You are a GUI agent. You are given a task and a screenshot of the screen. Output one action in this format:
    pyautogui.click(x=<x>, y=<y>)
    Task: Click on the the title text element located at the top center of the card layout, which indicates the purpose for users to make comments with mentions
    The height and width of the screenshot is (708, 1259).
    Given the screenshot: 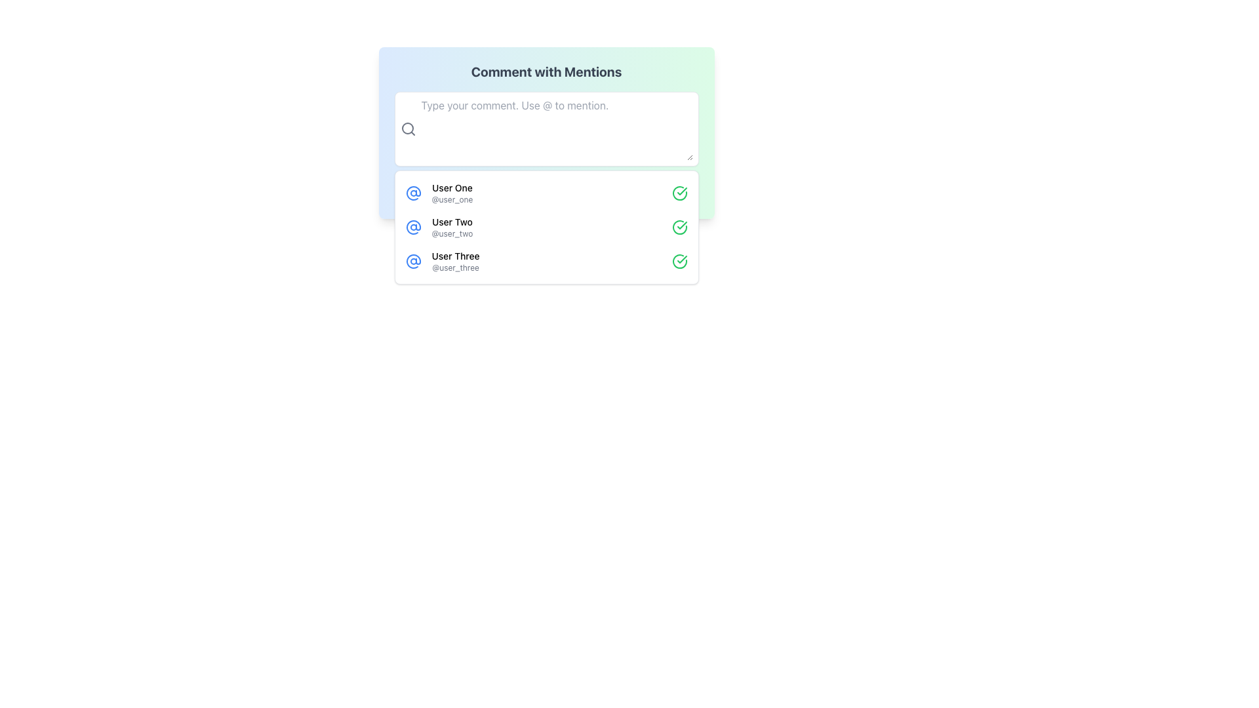 What is the action you would take?
    pyautogui.click(x=546, y=72)
    